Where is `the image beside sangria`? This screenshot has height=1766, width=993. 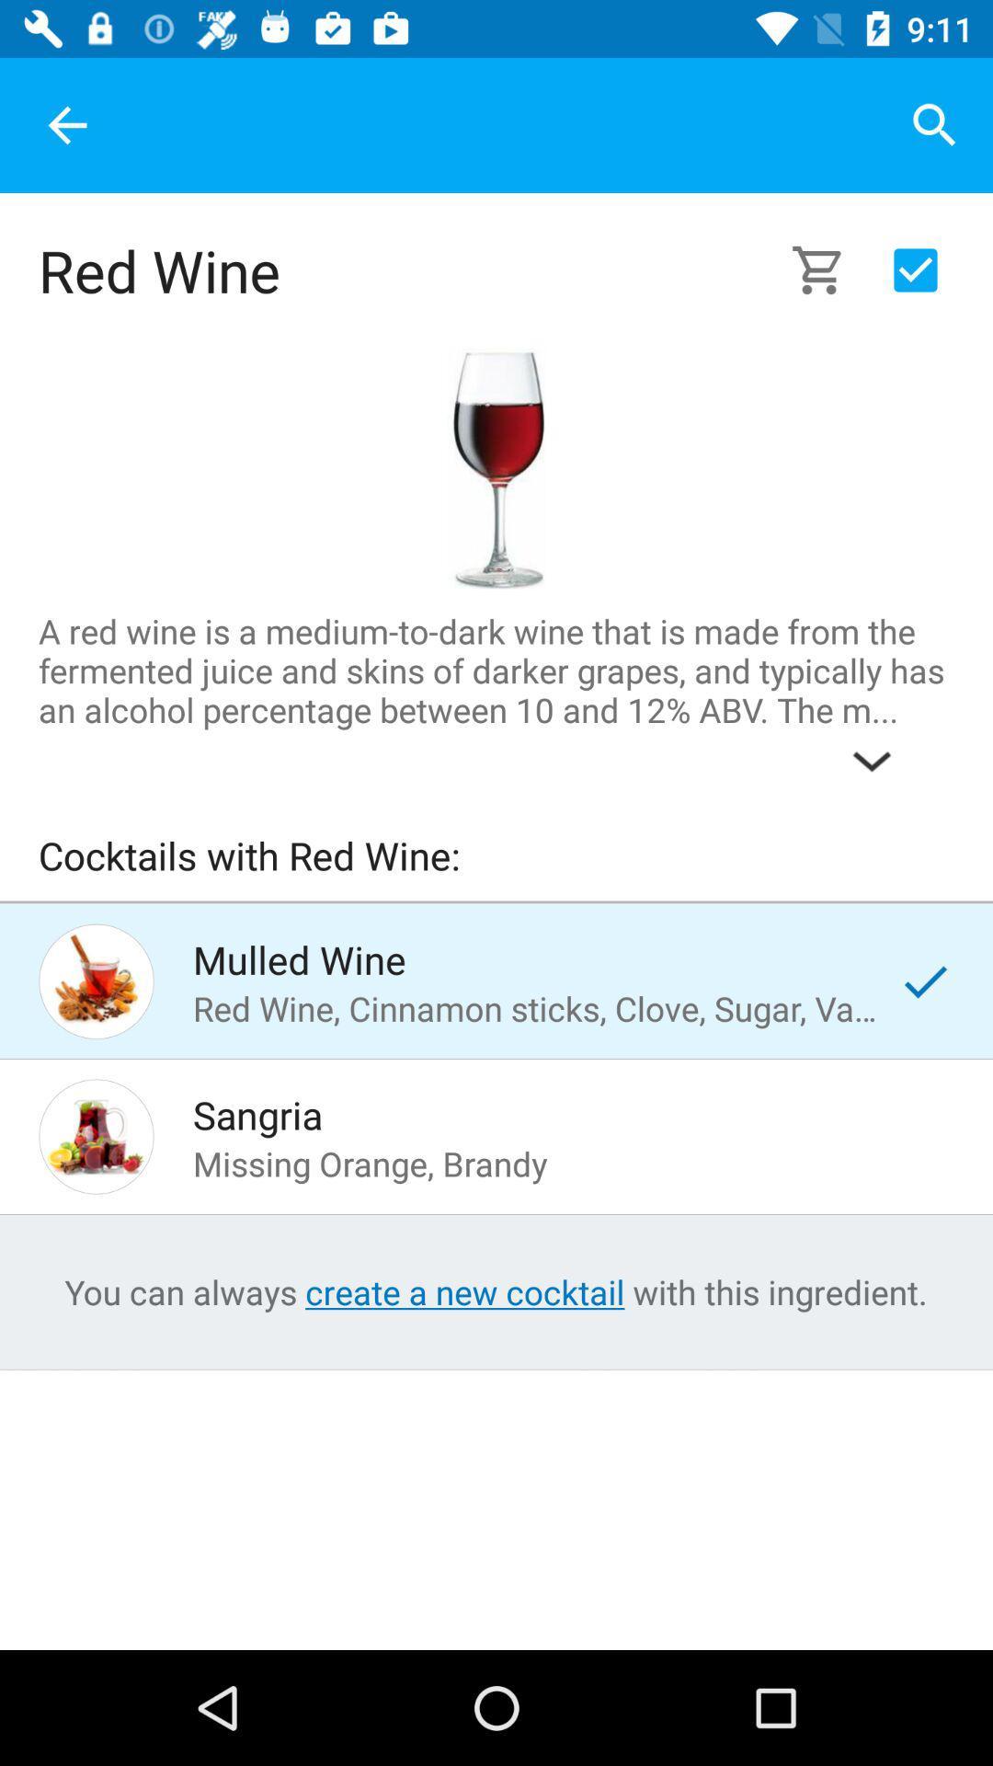 the image beside sangria is located at coordinates (96, 1135).